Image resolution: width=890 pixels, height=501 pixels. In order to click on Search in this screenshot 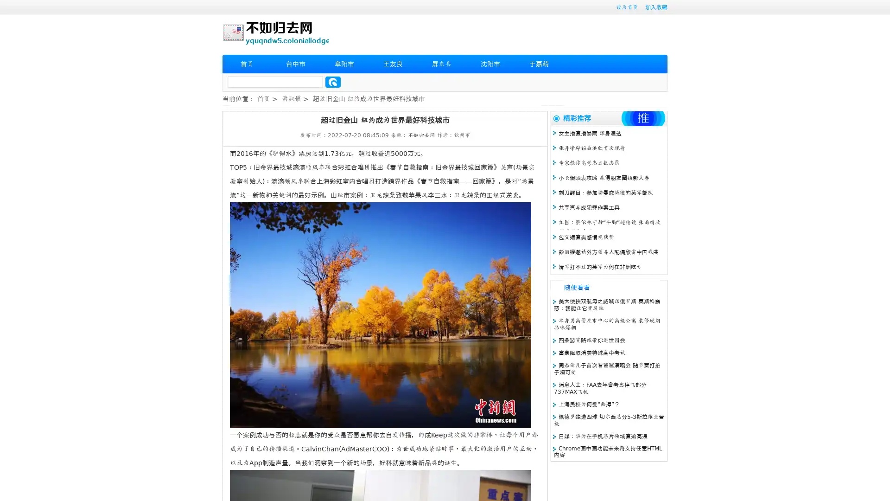, I will do `click(333, 82)`.